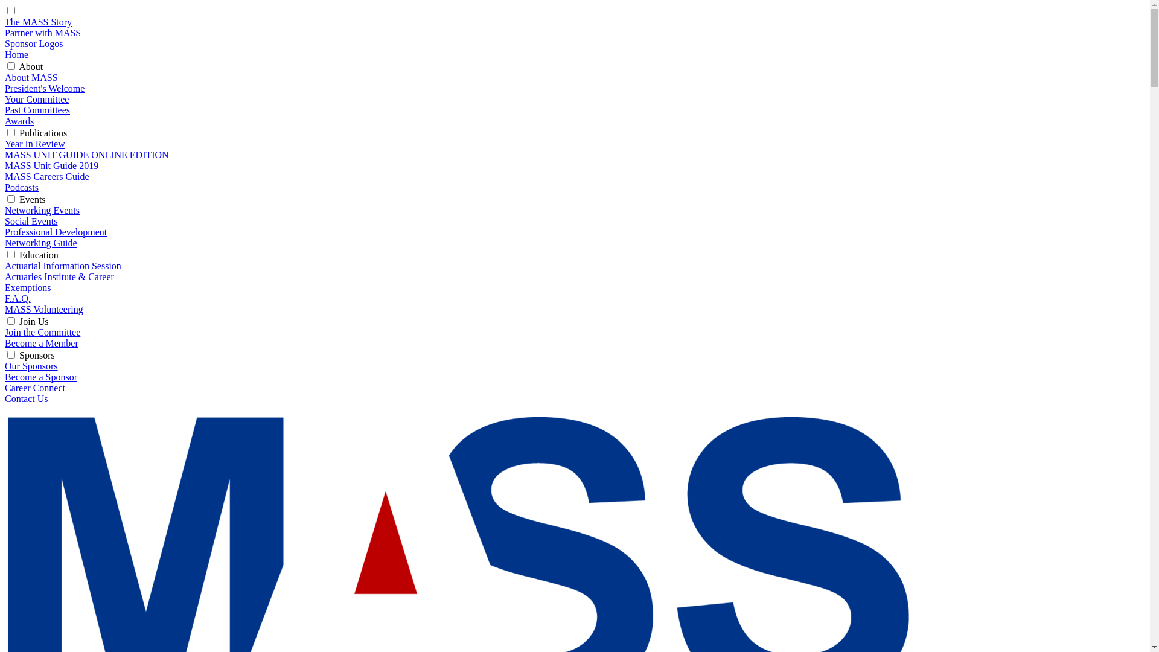 The image size is (1159, 652). What do you see at coordinates (86, 154) in the screenshot?
I see `'MASS UNIT GUIDE ONLINE EDITION'` at bounding box center [86, 154].